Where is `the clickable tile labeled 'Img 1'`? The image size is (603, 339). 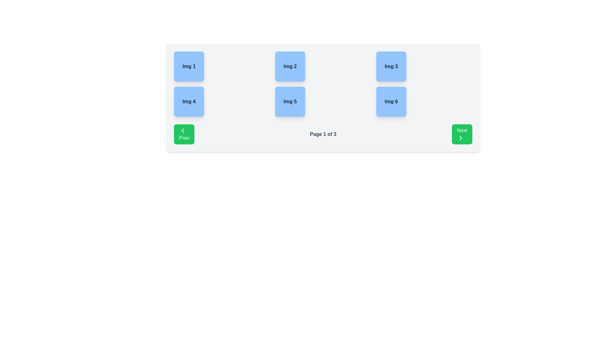 the clickable tile labeled 'Img 1' is located at coordinates (188, 67).